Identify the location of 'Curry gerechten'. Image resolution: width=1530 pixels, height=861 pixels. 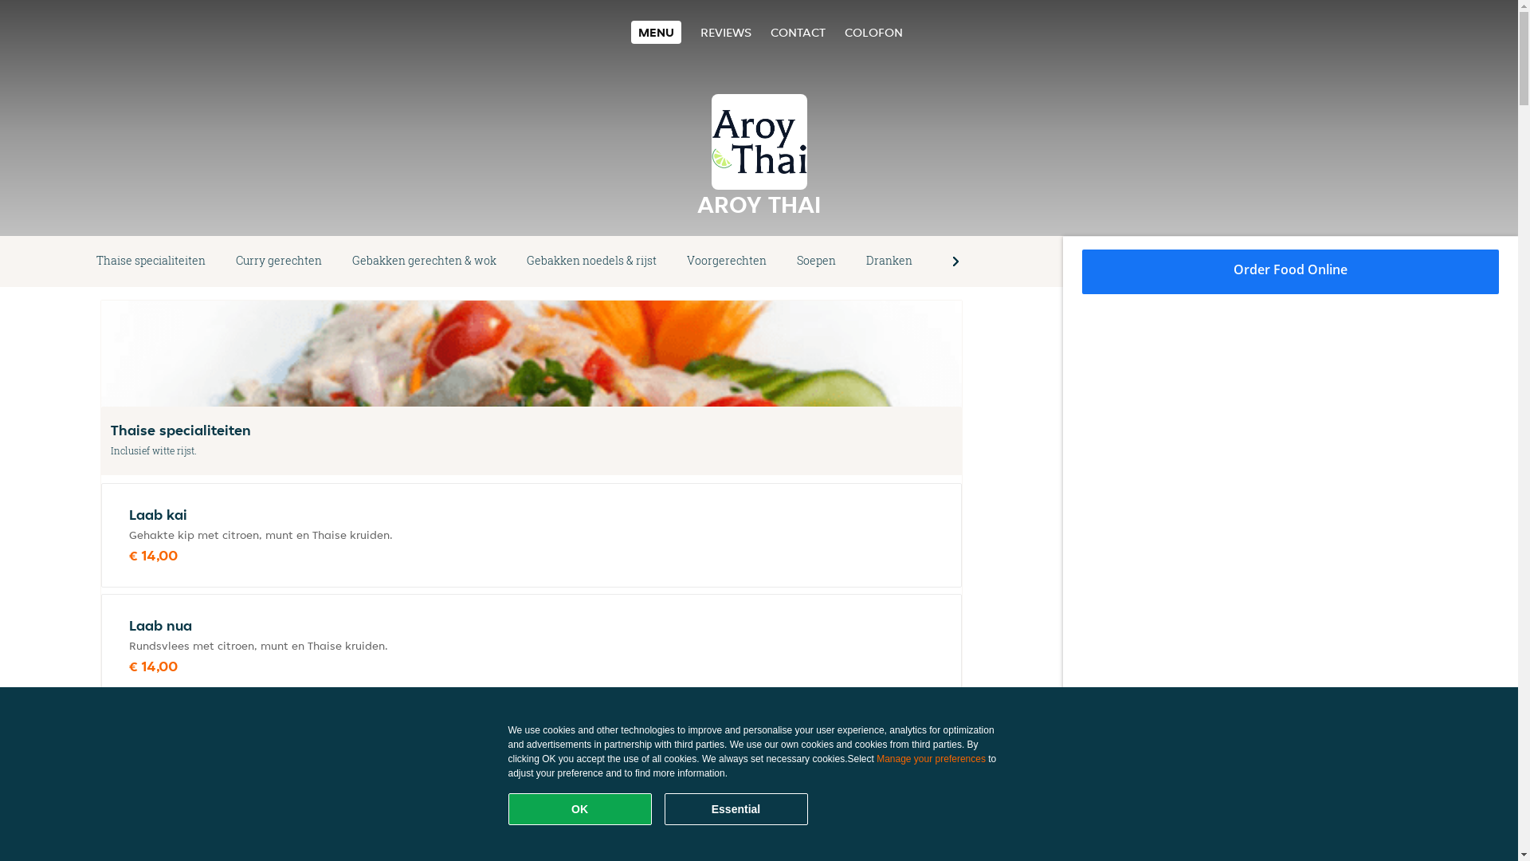
(220, 260).